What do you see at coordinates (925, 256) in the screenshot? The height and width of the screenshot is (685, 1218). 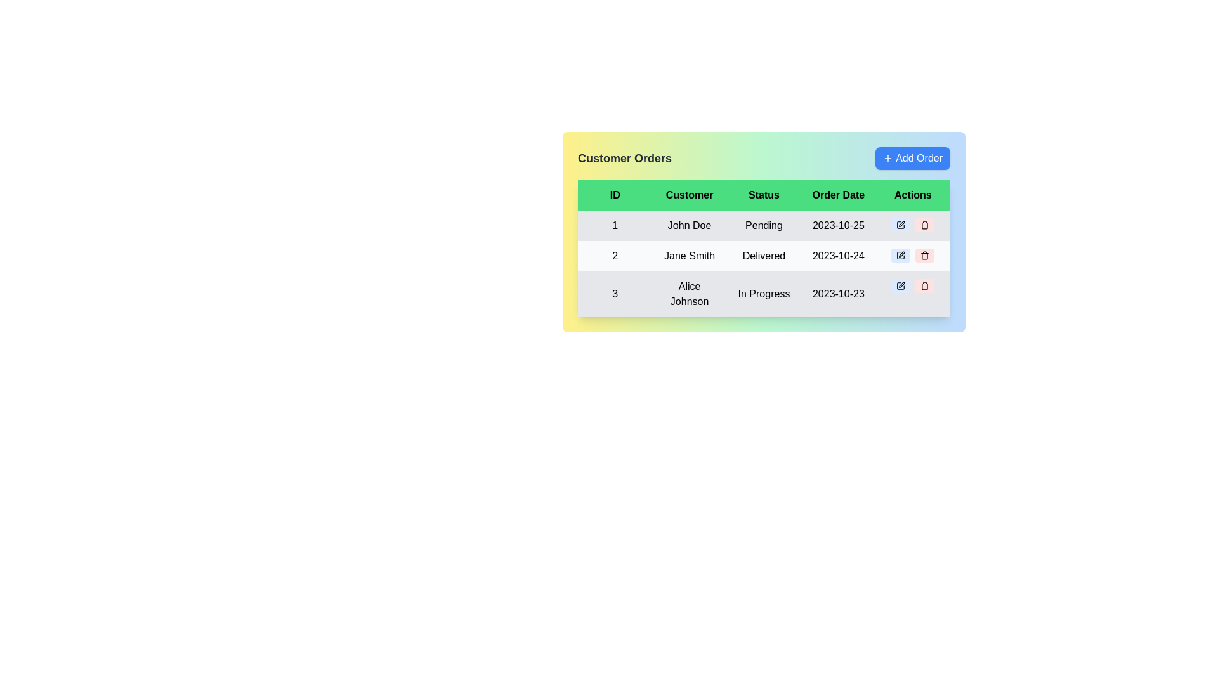 I see `the trash bin icon in the 'Actions' column of the second entry in the 'Customer Orders' table` at bounding box center [925, 256].